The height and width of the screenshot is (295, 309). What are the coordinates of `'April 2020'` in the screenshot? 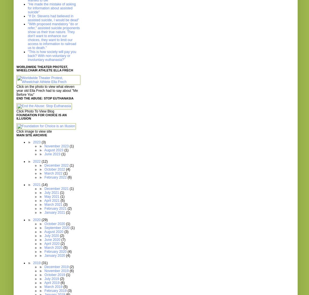 It's located at (52, 243).